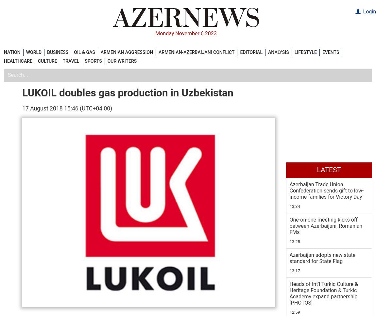 The image size is (376, 316). What do you see at coordinates (327, 71) in the screenshot?
I see `'EU continues to buy goods from Moscow despite 11 packages of sanctions'` at bounding box center [327, 71].